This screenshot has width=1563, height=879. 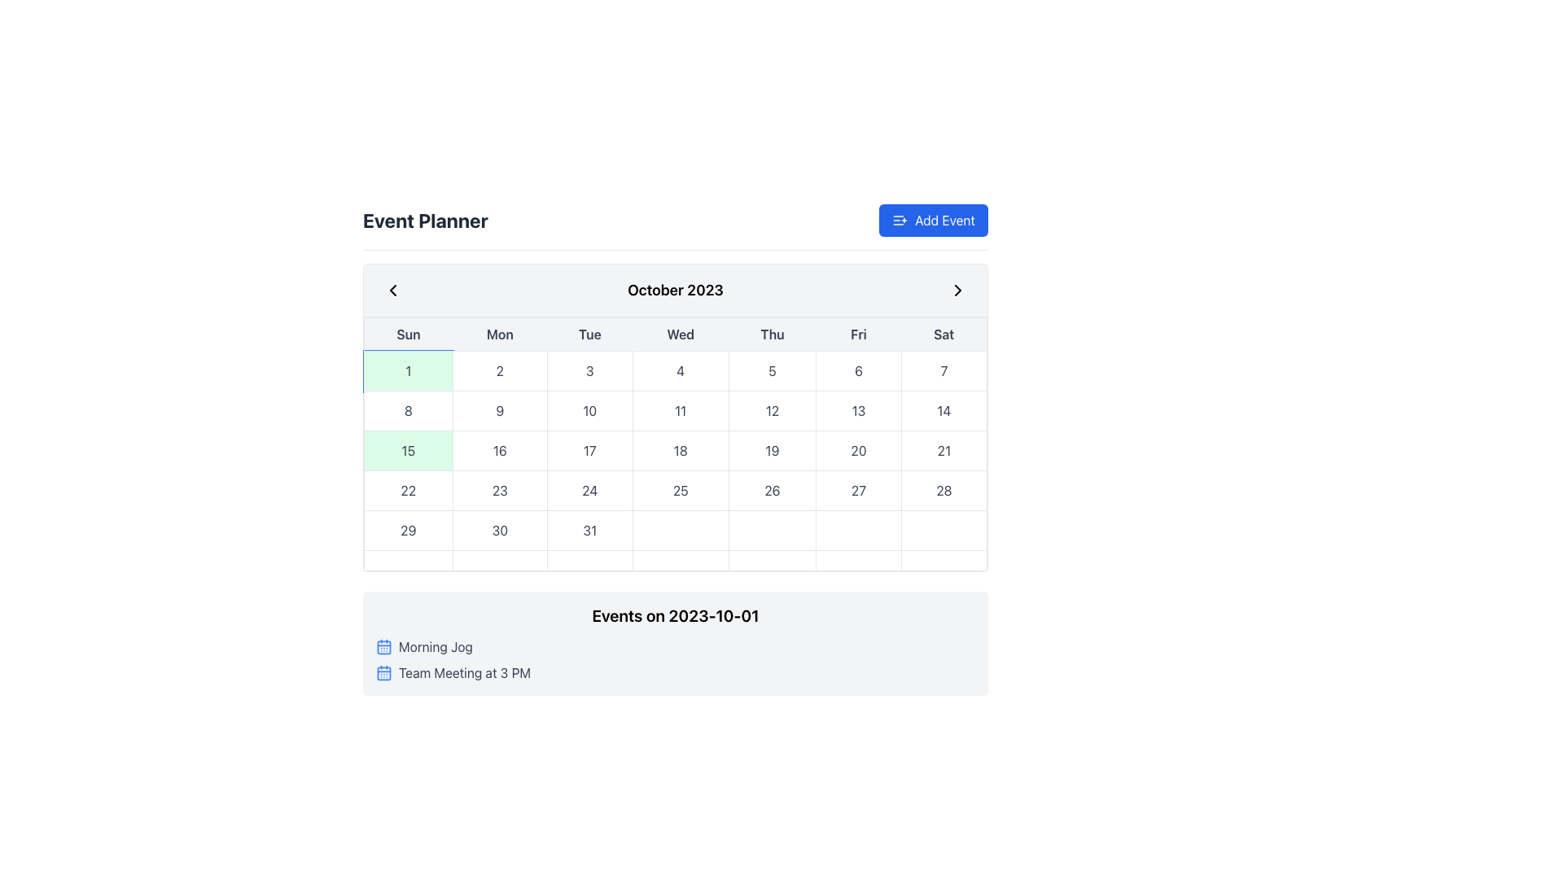 I want to click on the rightward chevron icon near the top right corner of the calendar section, so click(x=957, y=290).